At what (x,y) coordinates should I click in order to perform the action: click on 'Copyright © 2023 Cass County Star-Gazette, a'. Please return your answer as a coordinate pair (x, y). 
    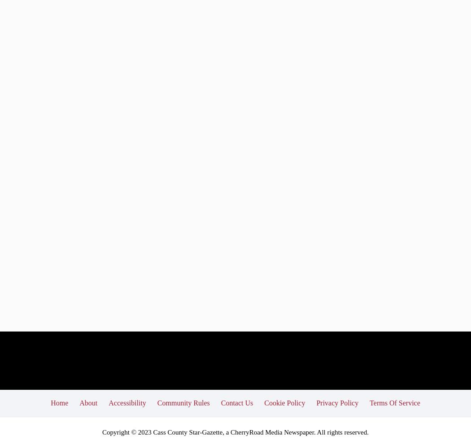
    Looking at the image, I should click on (166, 431).